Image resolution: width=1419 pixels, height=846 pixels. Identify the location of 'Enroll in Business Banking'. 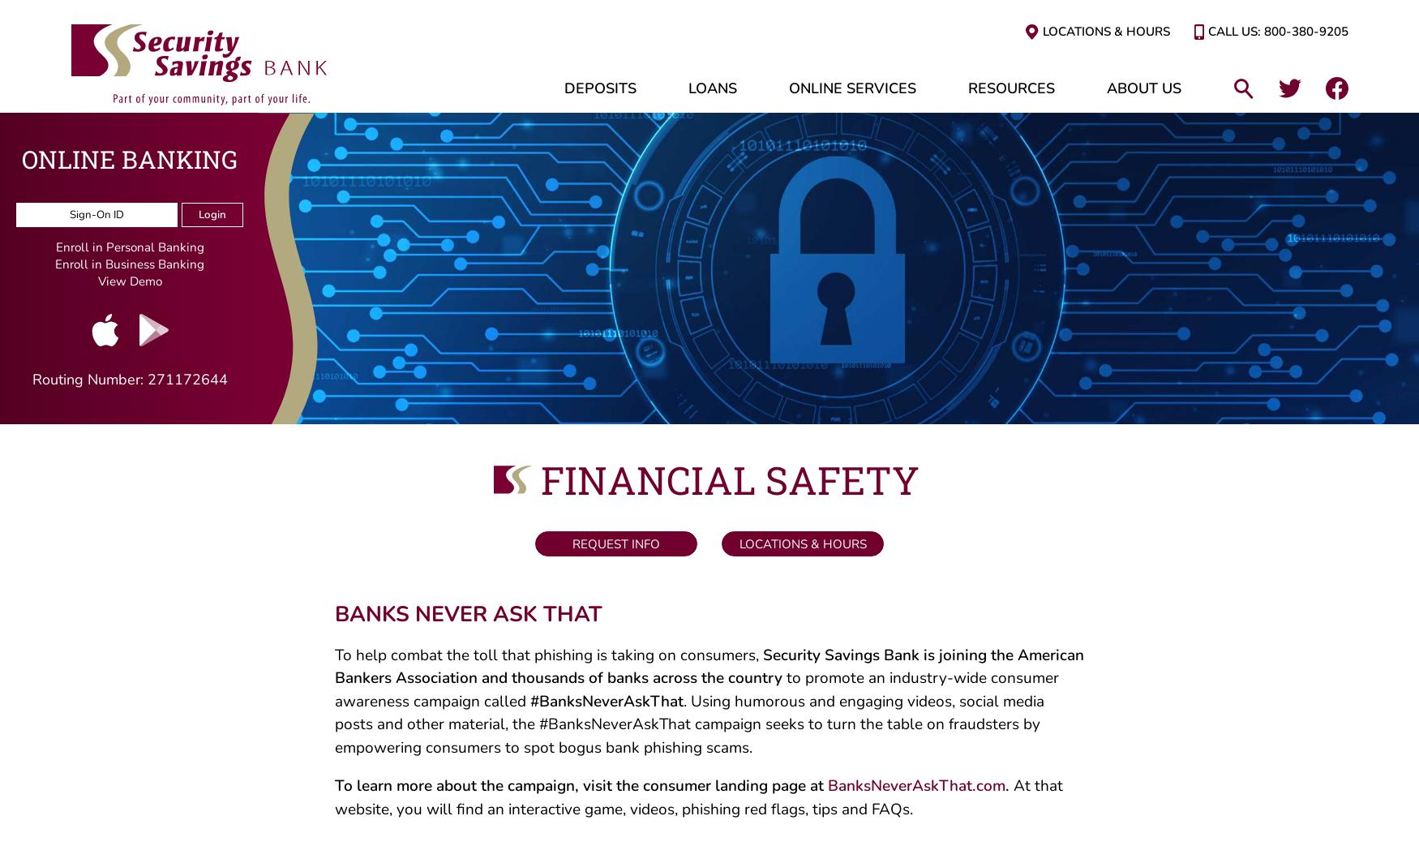
(55, 268).